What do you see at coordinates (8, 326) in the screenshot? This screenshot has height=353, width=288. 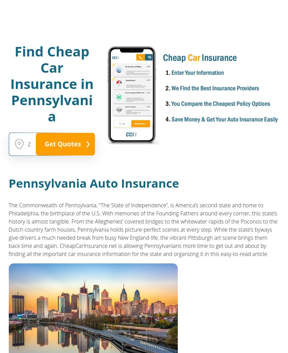 I see `'Pennsylvania Department of Transportation'` at bounding box center [8, 326].